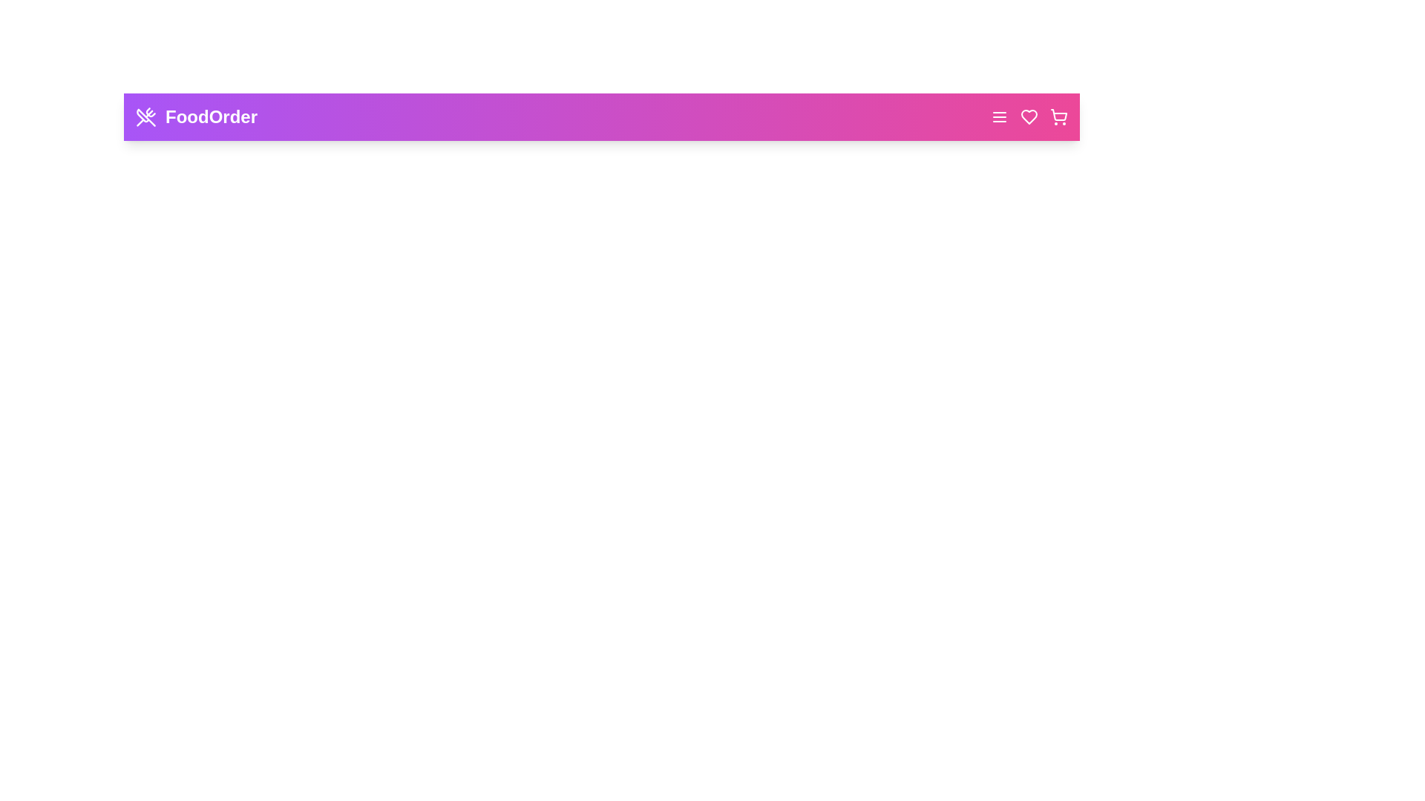 This screenshot has height=801, width=1425. What do you see at coordinates (1058, 116) in the screenshot?
I see `the 'Cart' button to view the shopping cart` at bounding box center [1058, 116].